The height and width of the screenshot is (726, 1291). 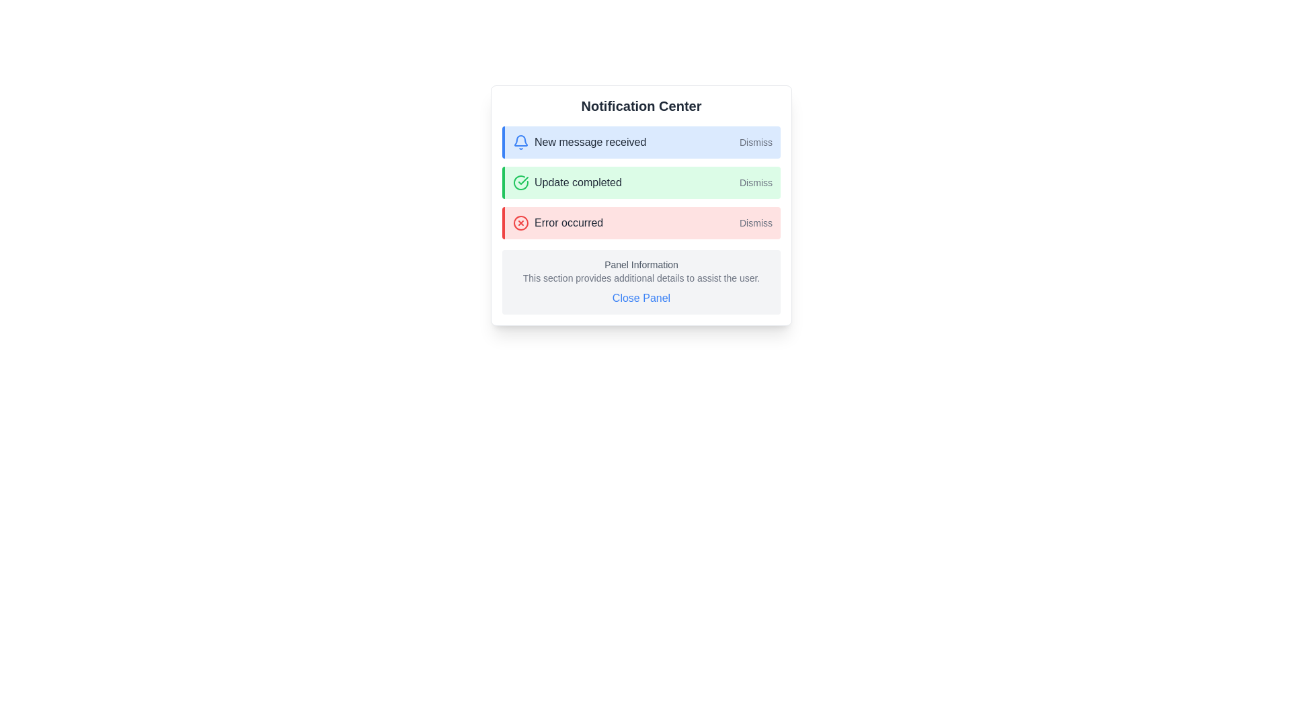 I want to click on icon that indicates the successful completion of the update process, located in the 'Update completed' section of the notification list, to the left of the 'Update completed' label, so click(x=520, y=183).